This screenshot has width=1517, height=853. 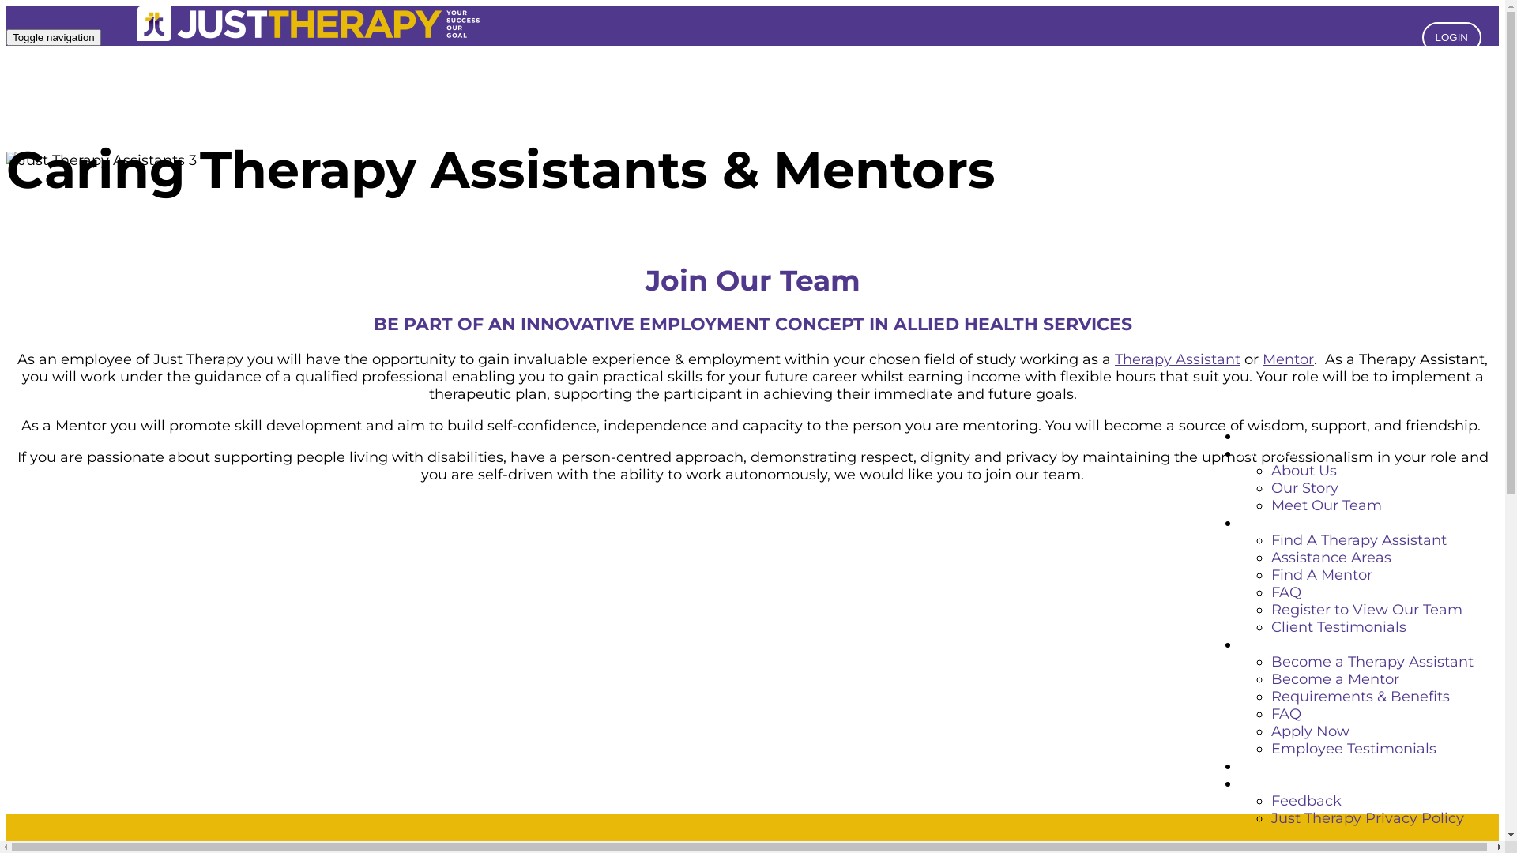 I want to click on 'Find Your Support', so click(x=1304, y=523).